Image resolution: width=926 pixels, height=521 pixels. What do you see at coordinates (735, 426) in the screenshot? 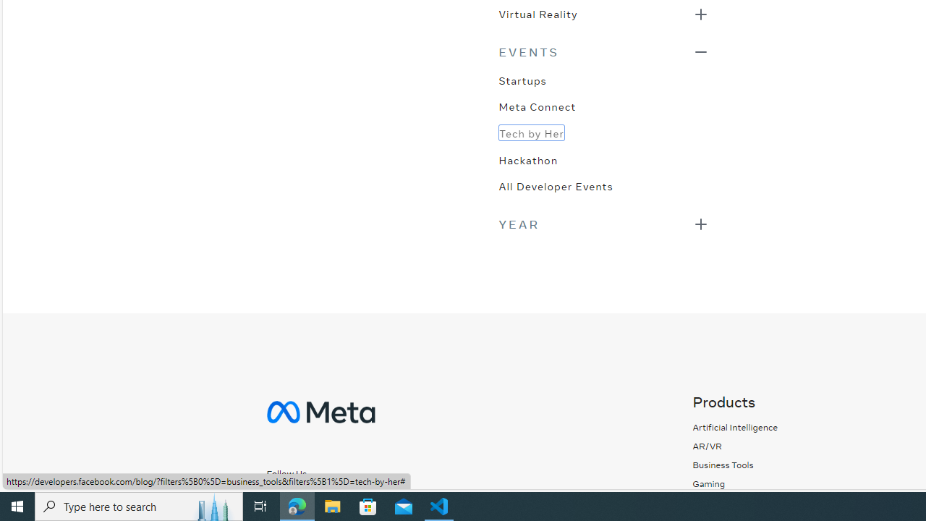
I see `'Artificial Intelligence'` at bounding box center [735, 426].